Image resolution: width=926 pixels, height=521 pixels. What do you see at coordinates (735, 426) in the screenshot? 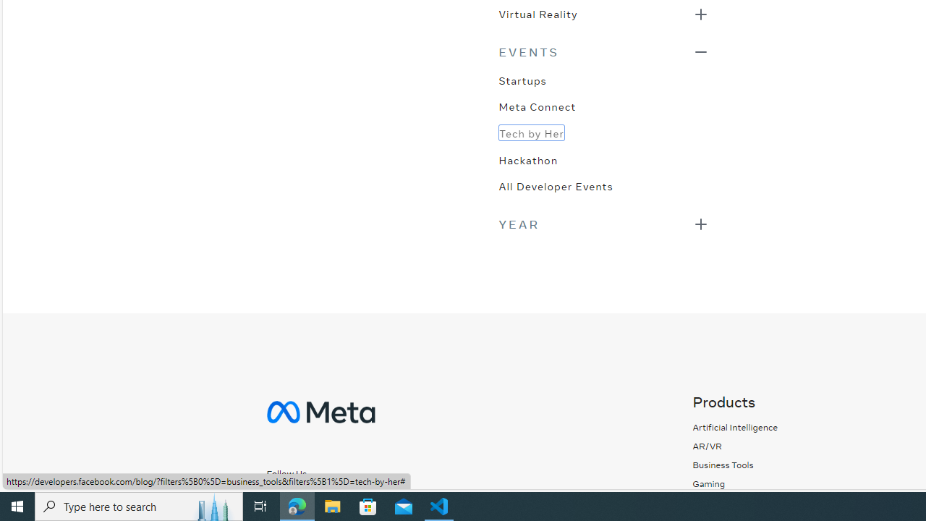
I see `'Artificial Intelligence'` at bounding box center [735, 426].